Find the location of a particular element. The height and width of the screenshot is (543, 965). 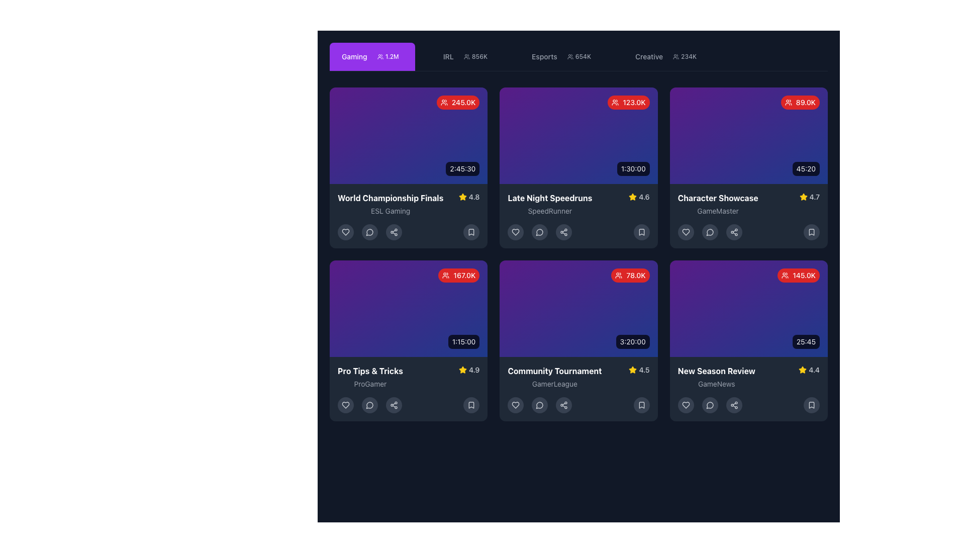

the user count icon located to the left of the '78.0K' text within the red badge on the 'Community Tournament' card is located at coordinates (618, 275).